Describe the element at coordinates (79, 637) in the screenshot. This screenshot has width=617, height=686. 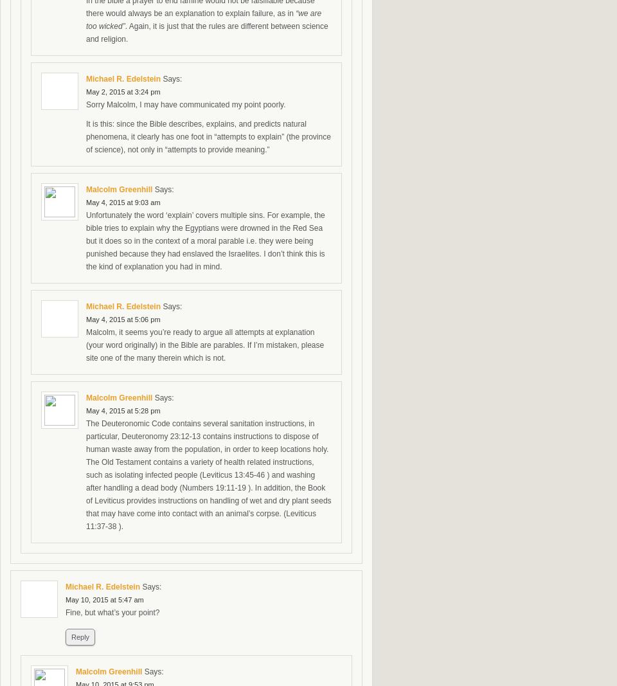
I see `'Reply'` at that location.